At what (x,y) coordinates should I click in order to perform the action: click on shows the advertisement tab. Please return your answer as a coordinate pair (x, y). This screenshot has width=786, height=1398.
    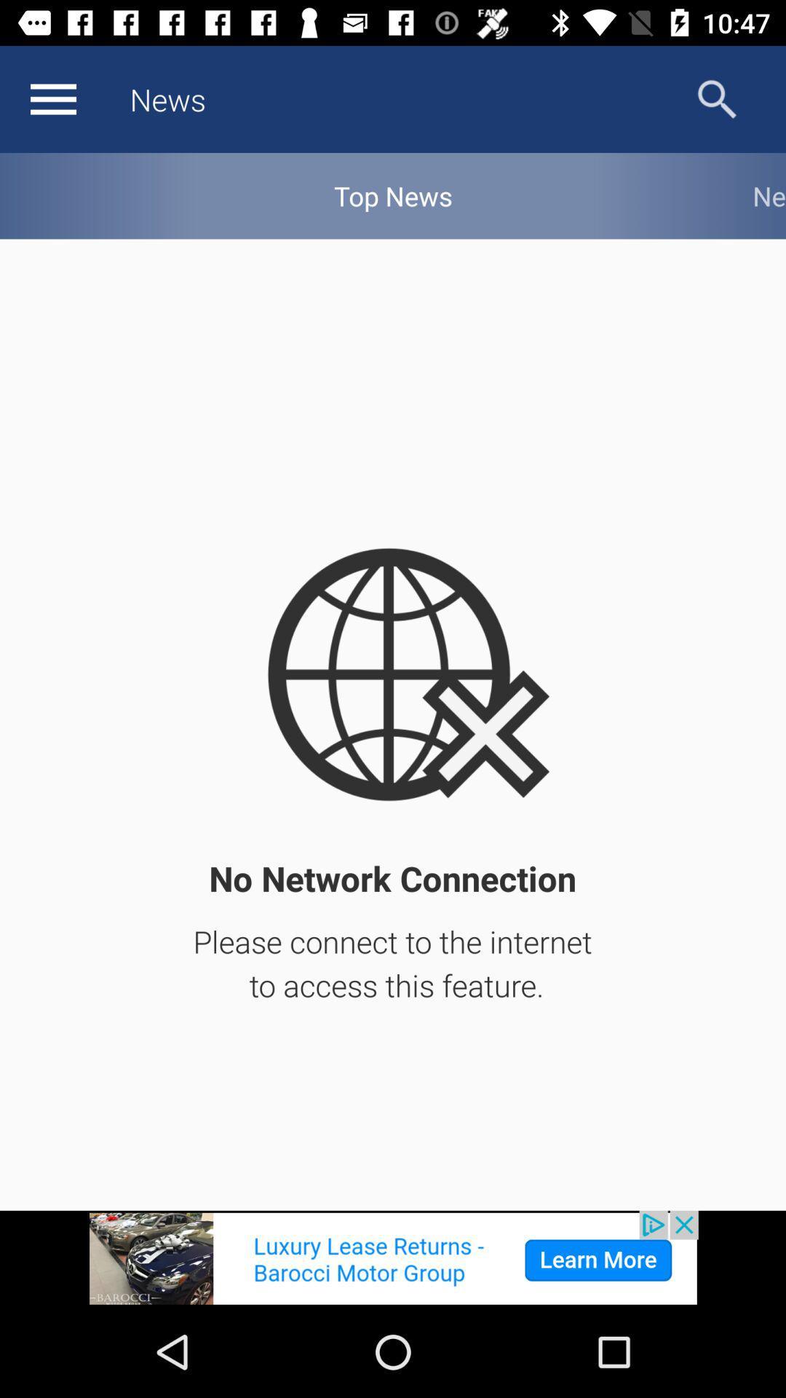
    Looking at the image, I should click on (393, 1257).